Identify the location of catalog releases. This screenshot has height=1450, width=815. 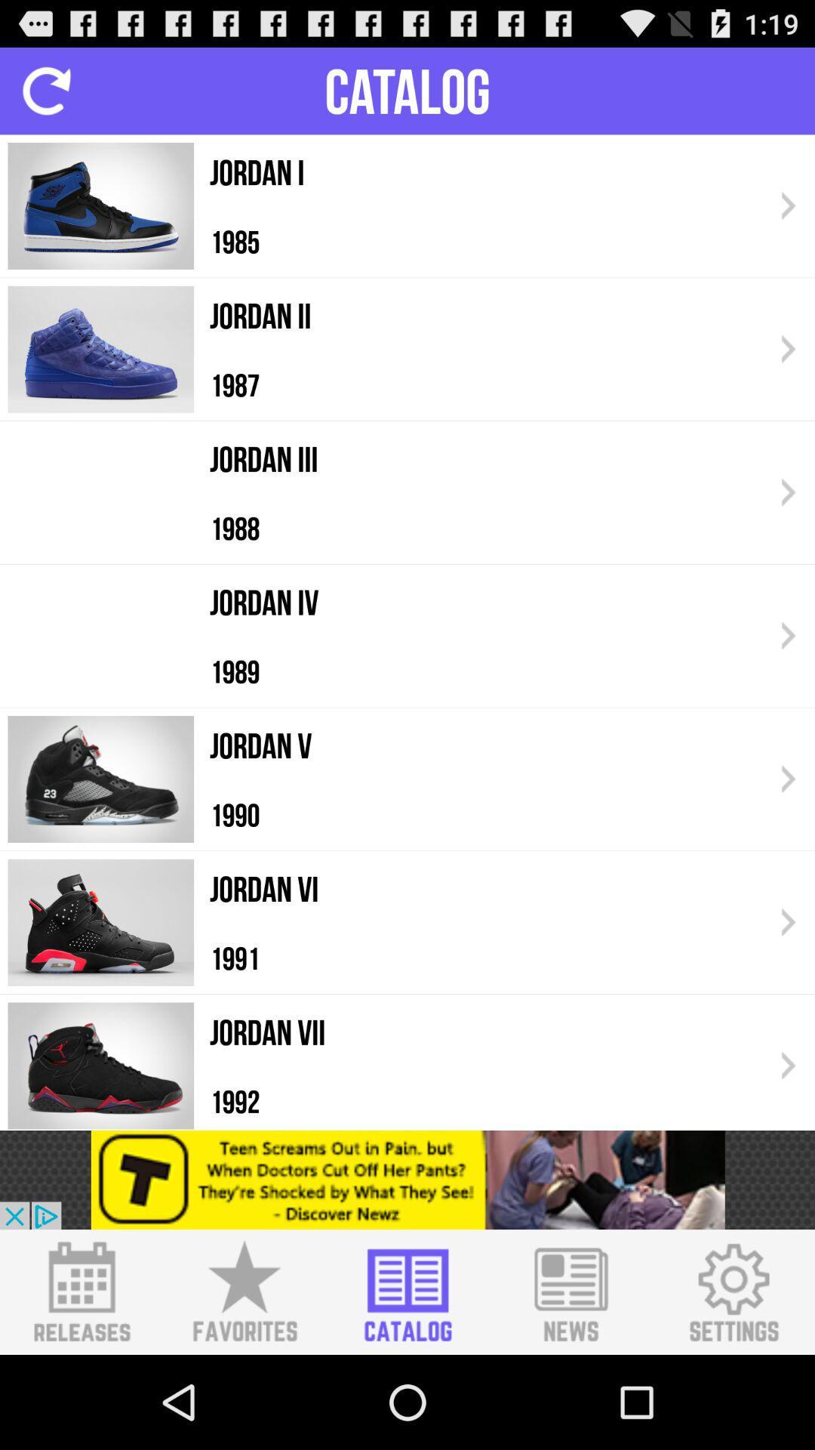
(81, 1291).